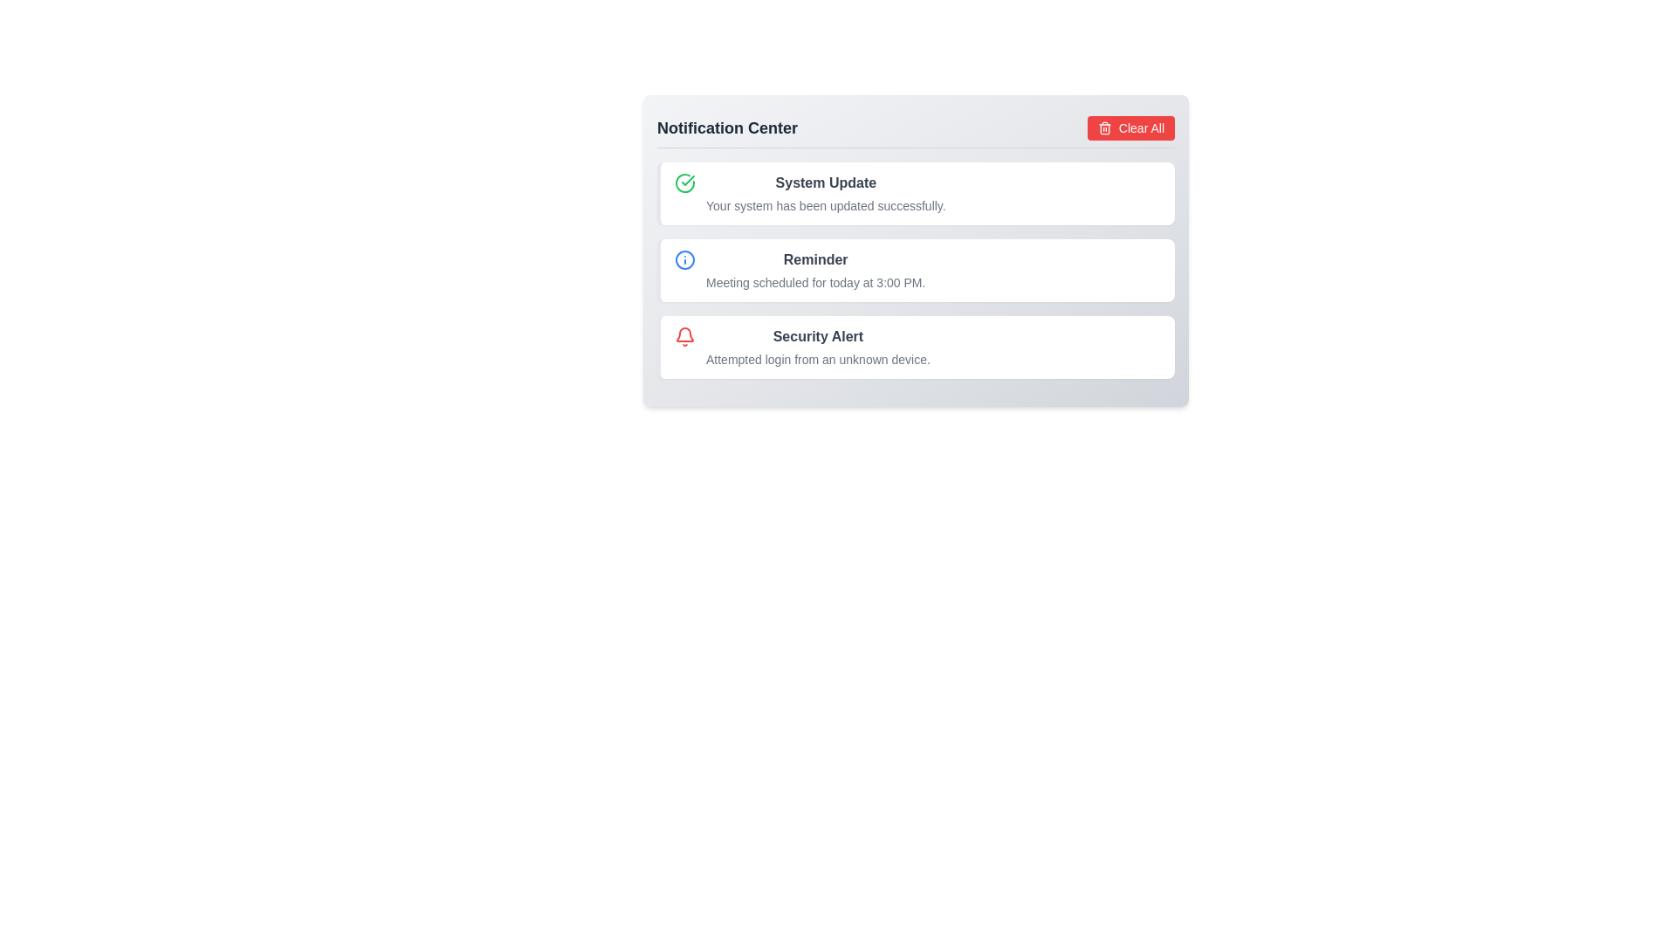 The image size is (1676, 943). What do you see at coordinates (817, 336) in the screenshot?
I see `text of the Text Label that displays 'Security Alert' at the top of the notification card` at bounding box center [817, 336].